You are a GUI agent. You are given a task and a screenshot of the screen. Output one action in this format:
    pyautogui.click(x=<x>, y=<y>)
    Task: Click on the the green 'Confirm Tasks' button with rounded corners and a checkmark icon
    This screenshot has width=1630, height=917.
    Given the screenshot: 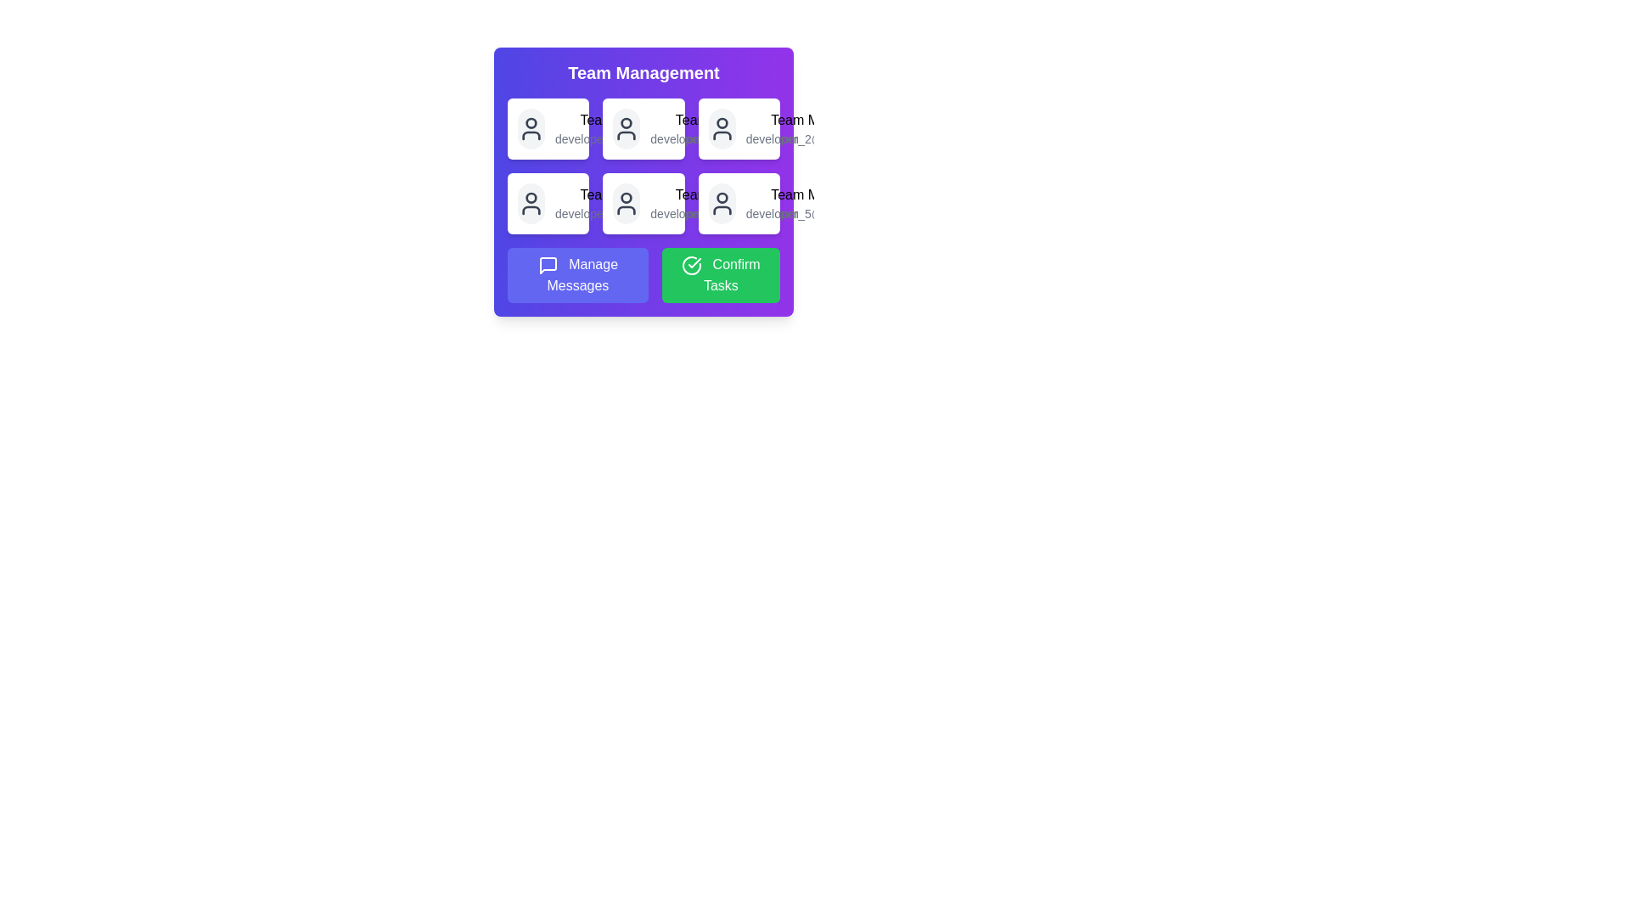 What is the action you would take?
    pyautogui.click(x=721, y=274)
    